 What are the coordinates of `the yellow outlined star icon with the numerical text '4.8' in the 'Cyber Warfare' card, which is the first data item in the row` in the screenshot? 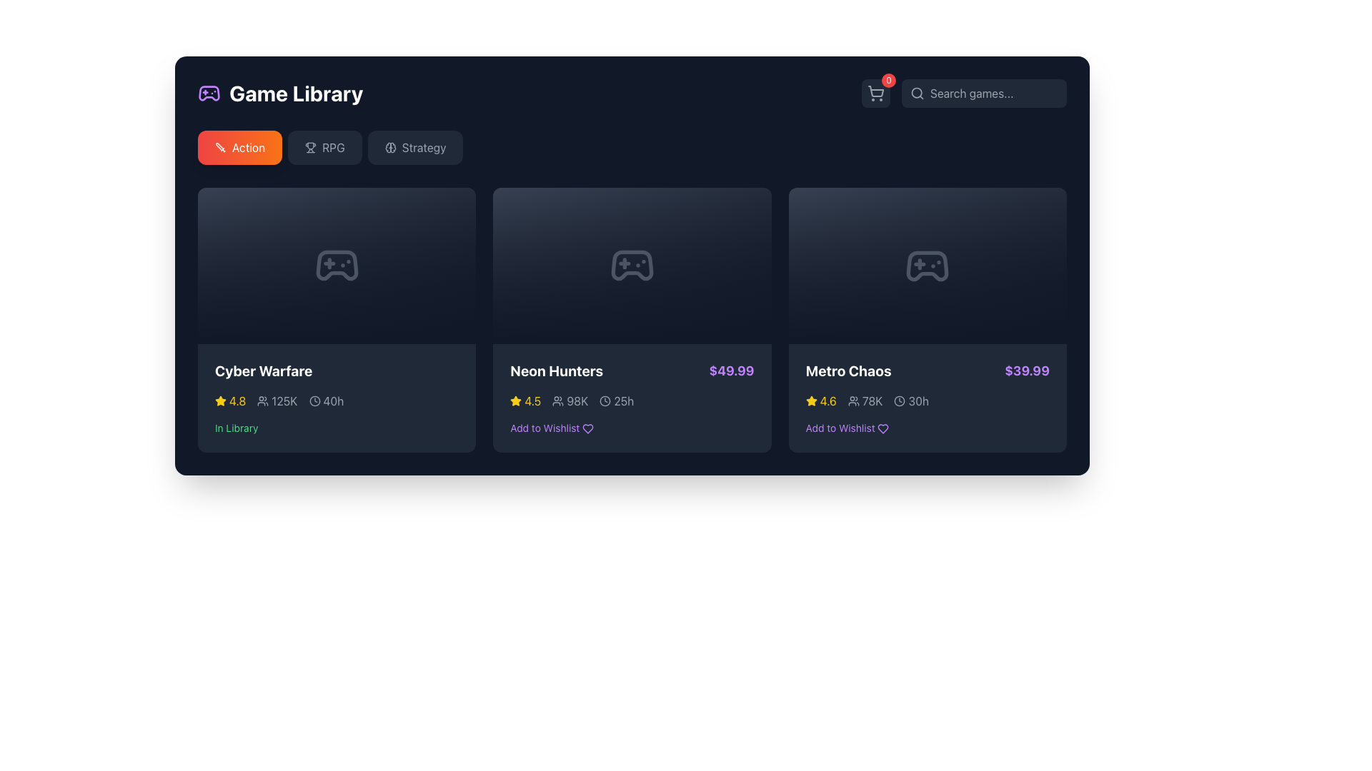 It's located at (230, 401).